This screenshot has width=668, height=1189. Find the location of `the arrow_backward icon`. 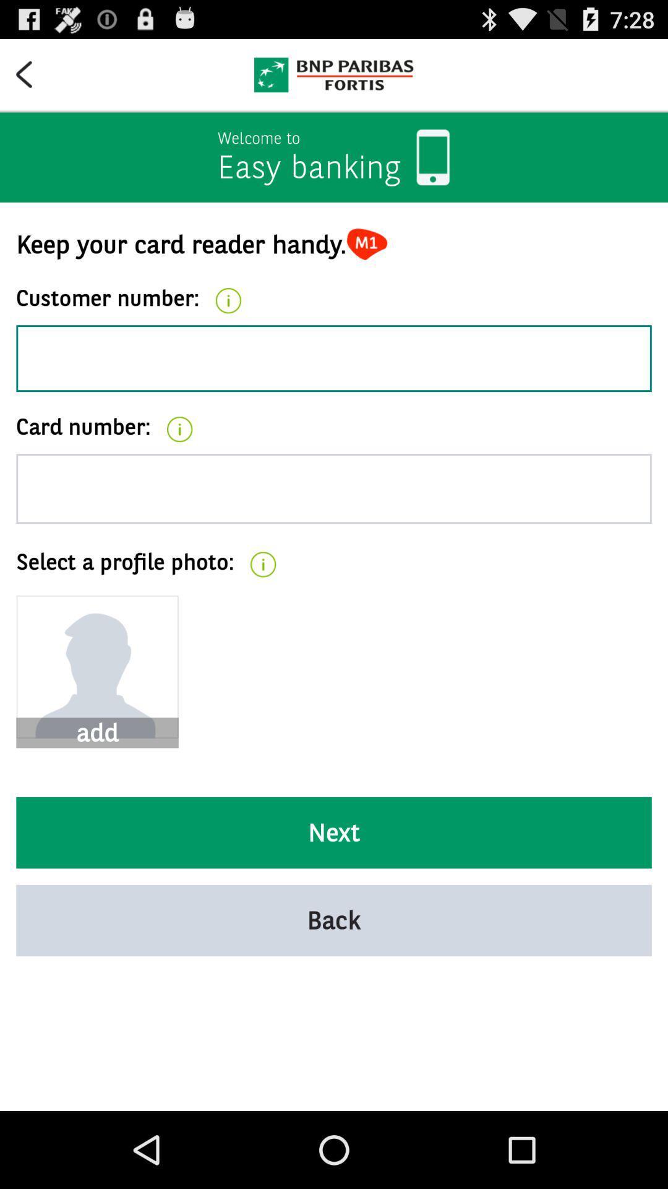

the arrow_backward icon is located at coordinates (32, 79).